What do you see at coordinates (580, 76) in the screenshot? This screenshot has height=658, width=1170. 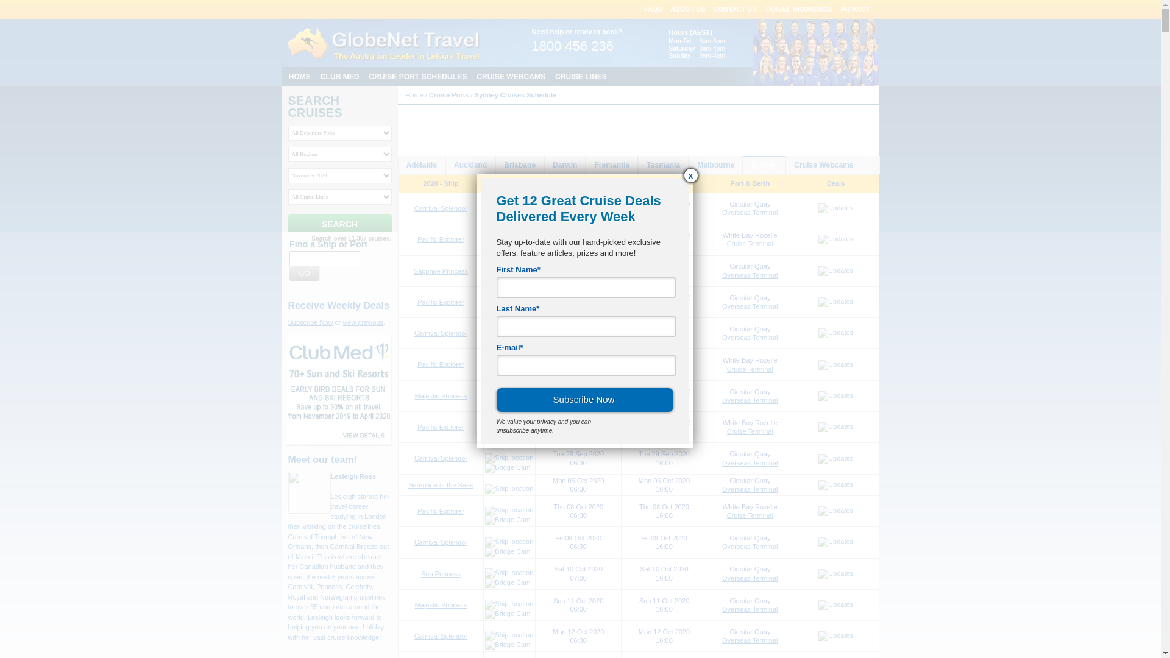 I see `'CRUISE LINES'` at bounding box center [580, 76].